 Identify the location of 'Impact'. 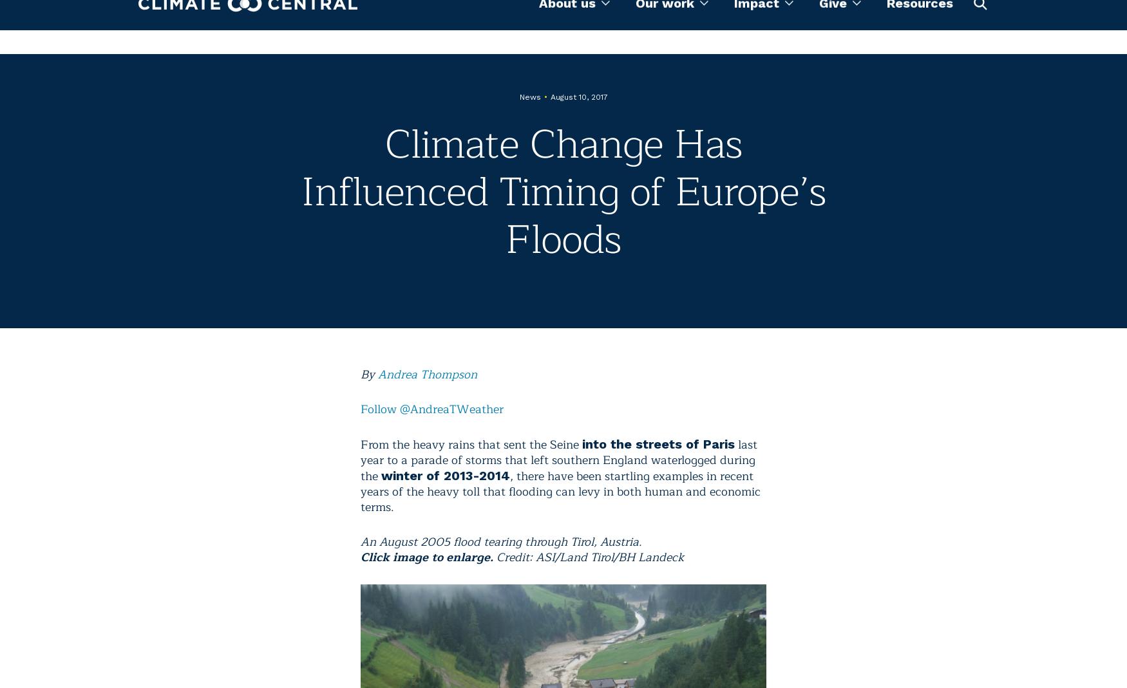
(733, 26).